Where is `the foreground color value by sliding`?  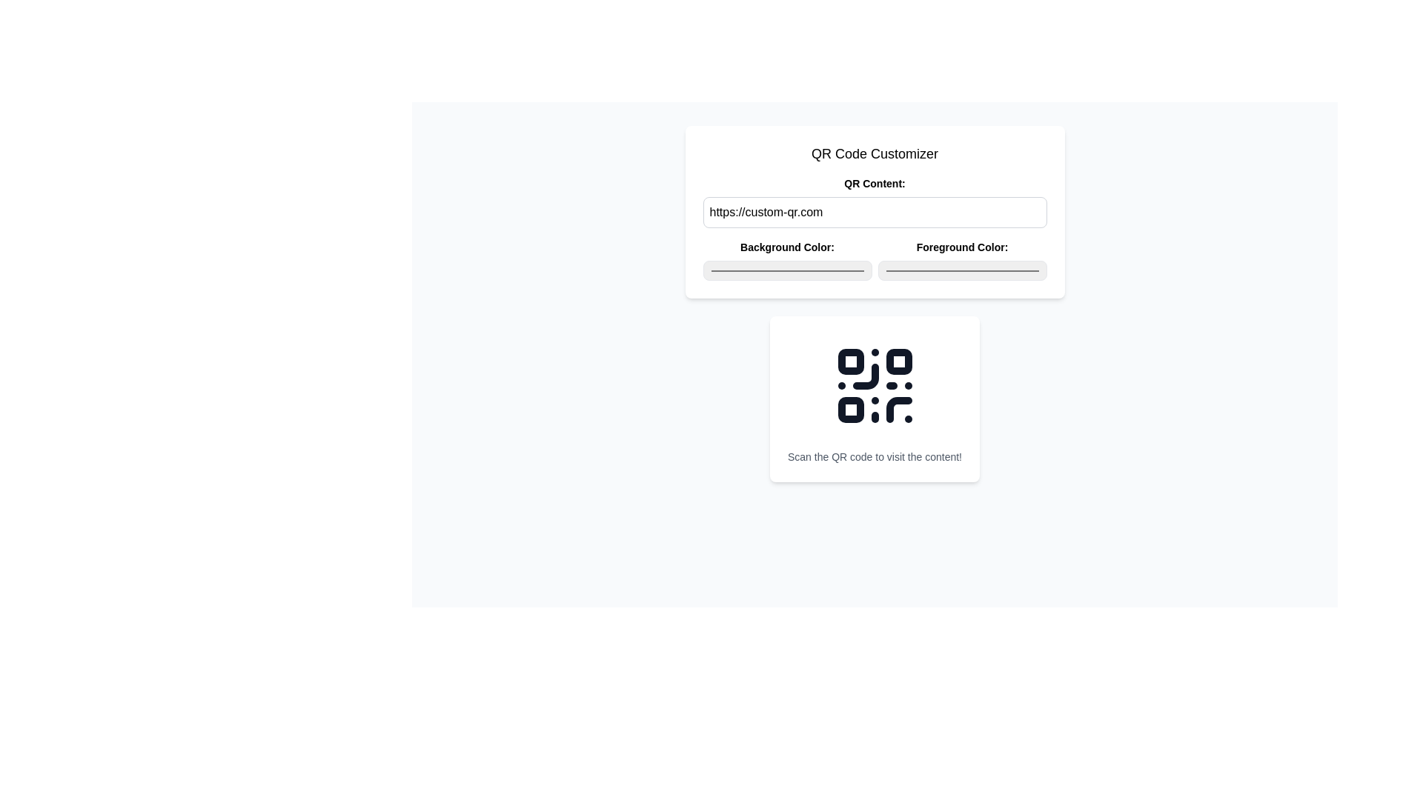
the foreground color value by sliding is located at coordinates (912, 270).